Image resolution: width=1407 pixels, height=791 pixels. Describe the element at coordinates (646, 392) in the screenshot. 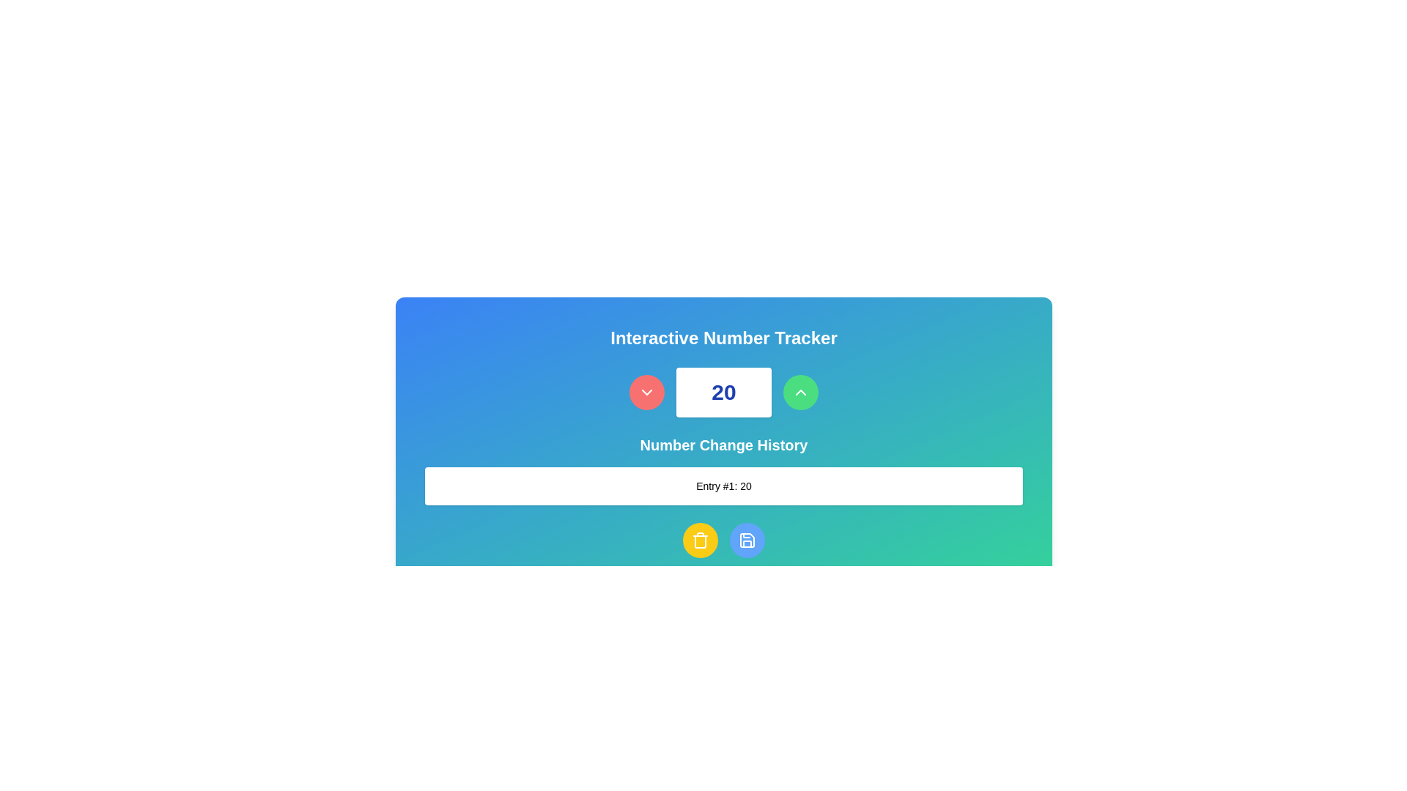

I see `the first button in the group to the left of the number indicator to decrease the displayed numeric value` at that location.